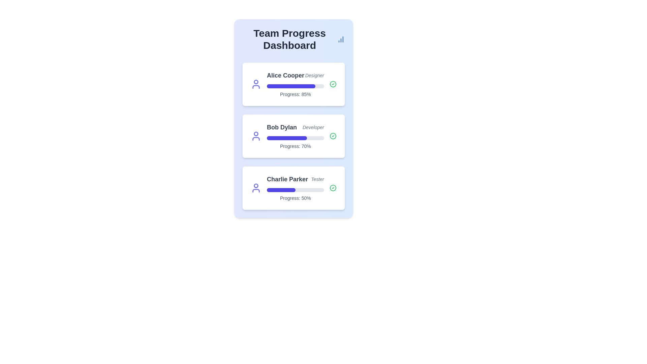 This screenshot has height=364, width=647. What do you see at coordinates (295, 86) in the screenshot?
I see `the progress bar representing Alice Cooper's task completion in the Team Progress Dashboard, which shows 85% filled` at bounding box center [295, 86].